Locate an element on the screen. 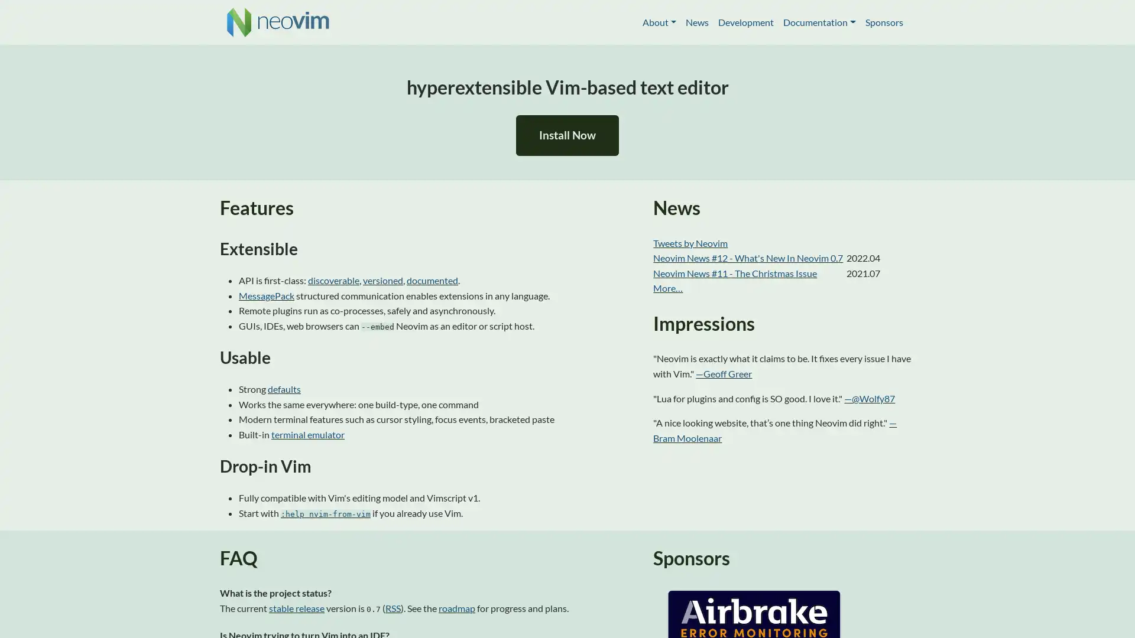 This screenshot has height=638, width=1135. About is located at coordinates (658, 22).